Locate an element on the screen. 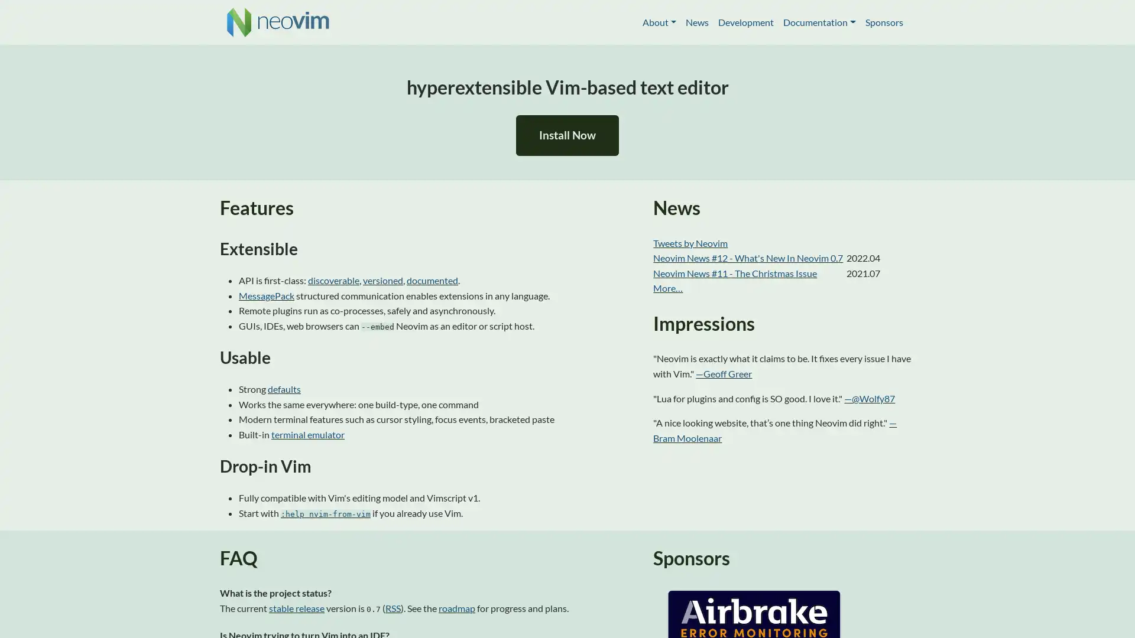 This screenshot has height=638, width=1135. About is located at coordinates (658, 22).